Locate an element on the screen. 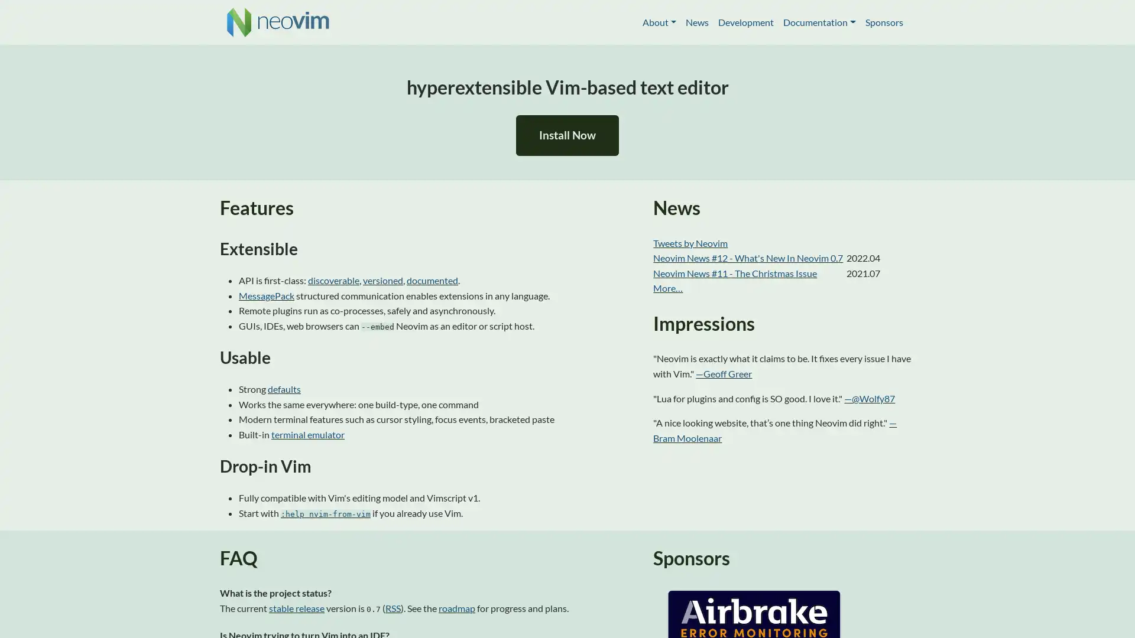 This screenshot has height=638, width=1135. About is located at coordinates (658, 22).